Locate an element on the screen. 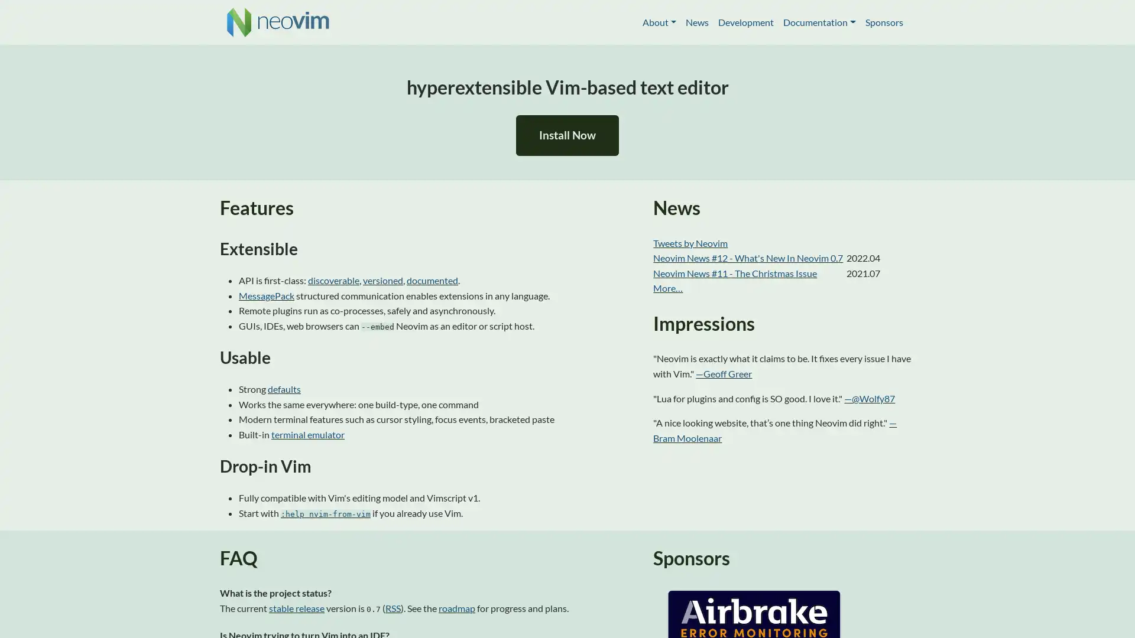 This screenshot has height=638, width=1135. About is located at coordinates (658, 22).